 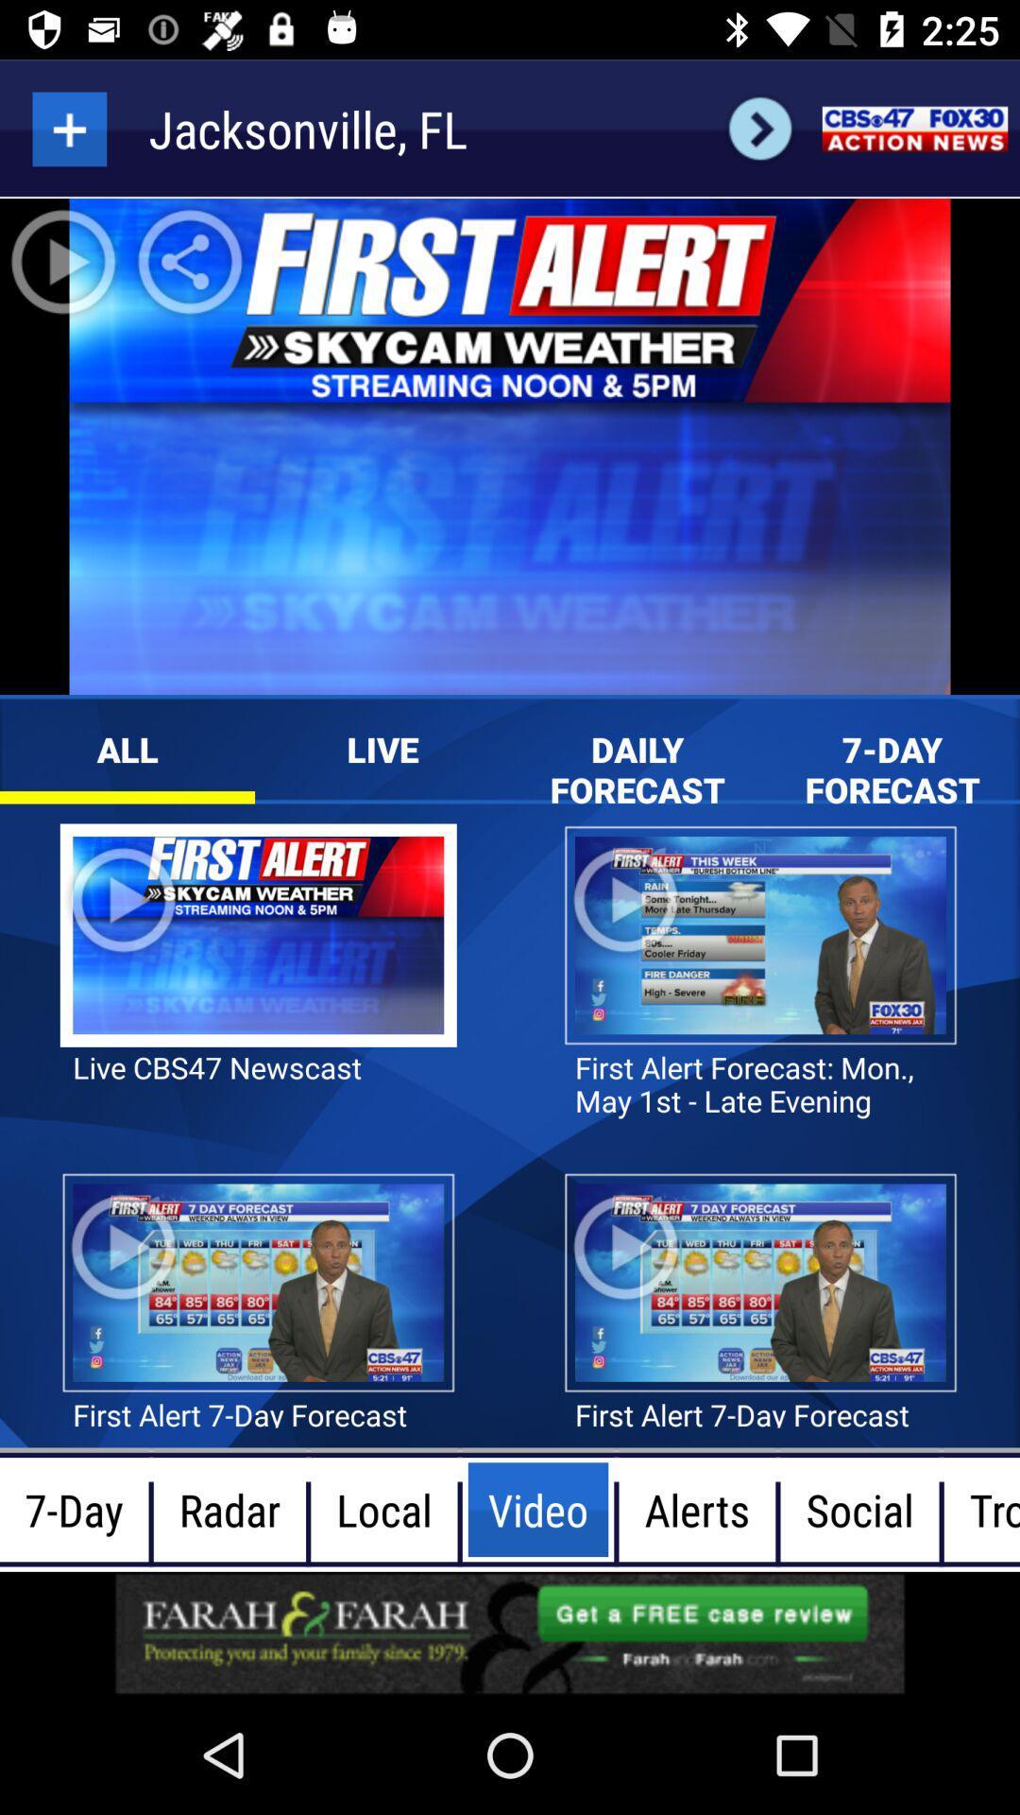 What do you see at coordinates (510, 1633) in the screenshot?
I see `share the article` at bounding box center [510, 1633].